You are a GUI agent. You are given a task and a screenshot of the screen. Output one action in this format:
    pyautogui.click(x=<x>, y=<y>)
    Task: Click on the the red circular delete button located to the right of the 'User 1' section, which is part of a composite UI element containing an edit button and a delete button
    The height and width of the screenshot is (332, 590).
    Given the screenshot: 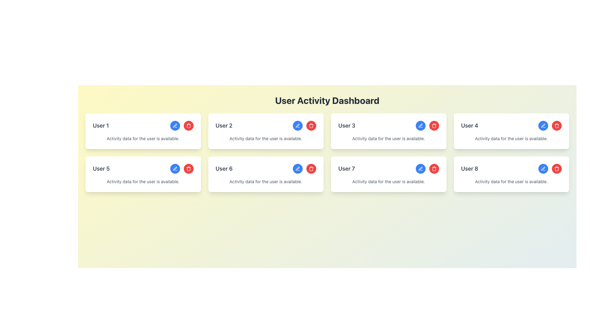 What is the action you would take?
    pyautogui.click(x=181, y=125)
    